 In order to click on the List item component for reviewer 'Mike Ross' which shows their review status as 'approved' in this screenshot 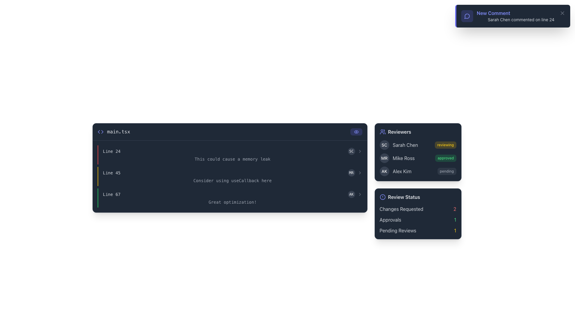, I will do `click(397, 158)`.